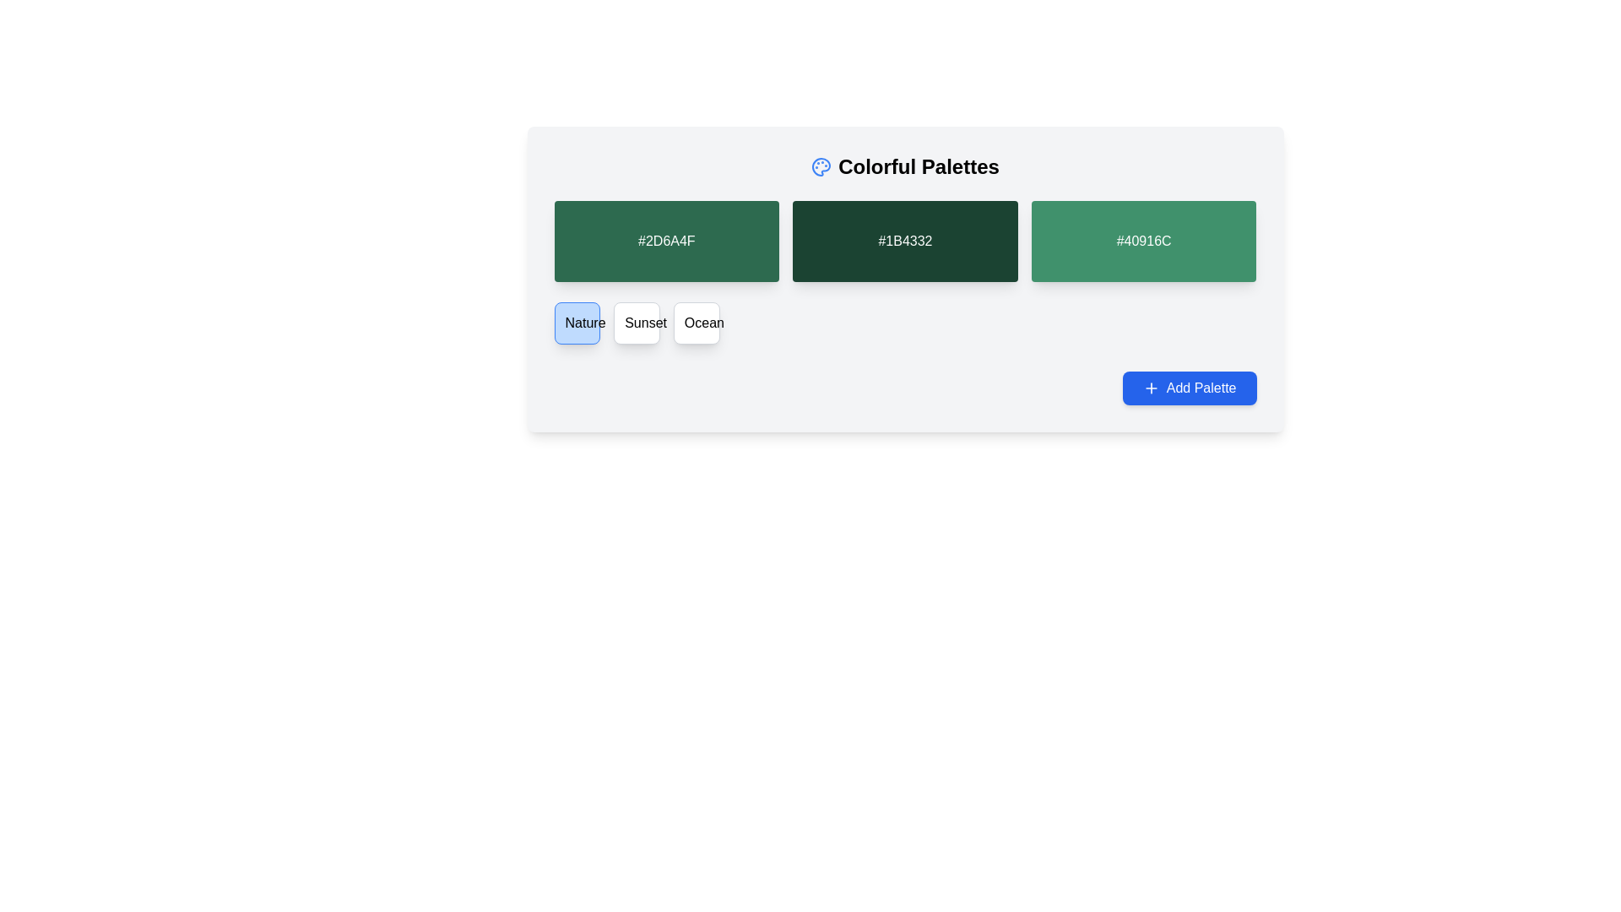 The width and height of the screenshot is (1621, 912). I want to click on the second color box from the left that displays a color code with white text on a dark green background to copy the color code, so click(904, 279).